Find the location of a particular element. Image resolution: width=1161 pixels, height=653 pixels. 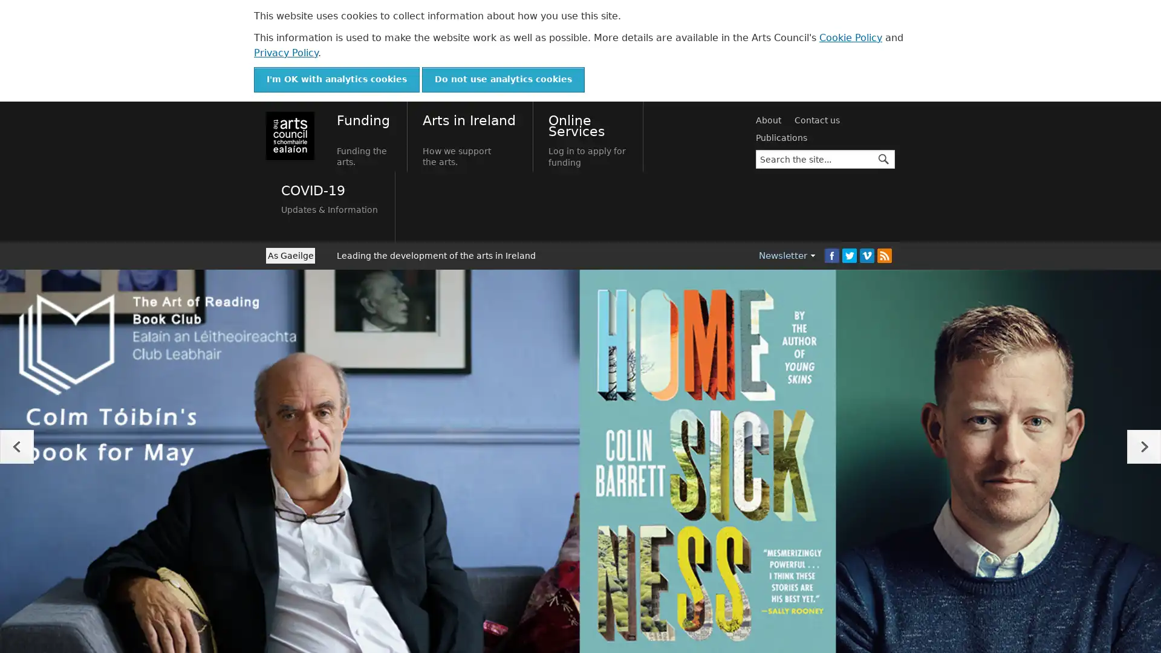

Do not use analytics cookies is located at coordinates (503, 79).